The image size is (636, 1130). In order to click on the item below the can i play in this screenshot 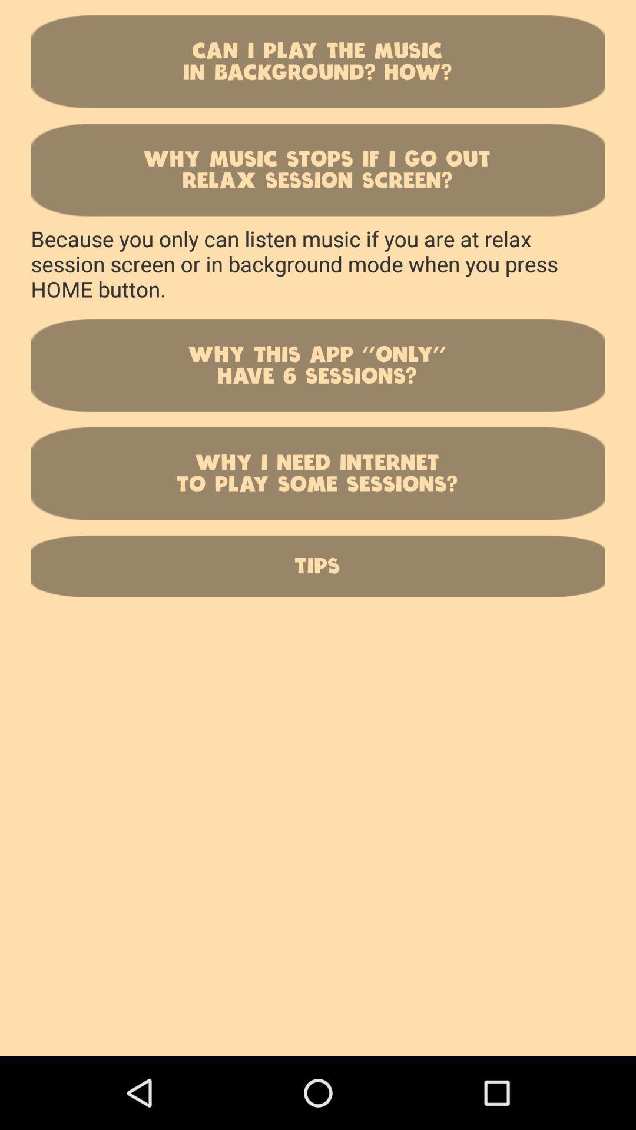, I will do `click(318, 169)`.